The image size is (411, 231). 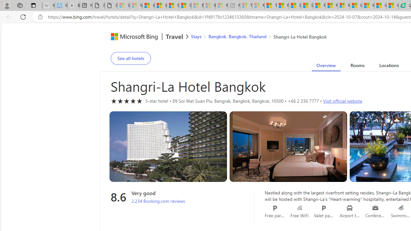 I want to click on 'Stays', so click(x=196, y=36).